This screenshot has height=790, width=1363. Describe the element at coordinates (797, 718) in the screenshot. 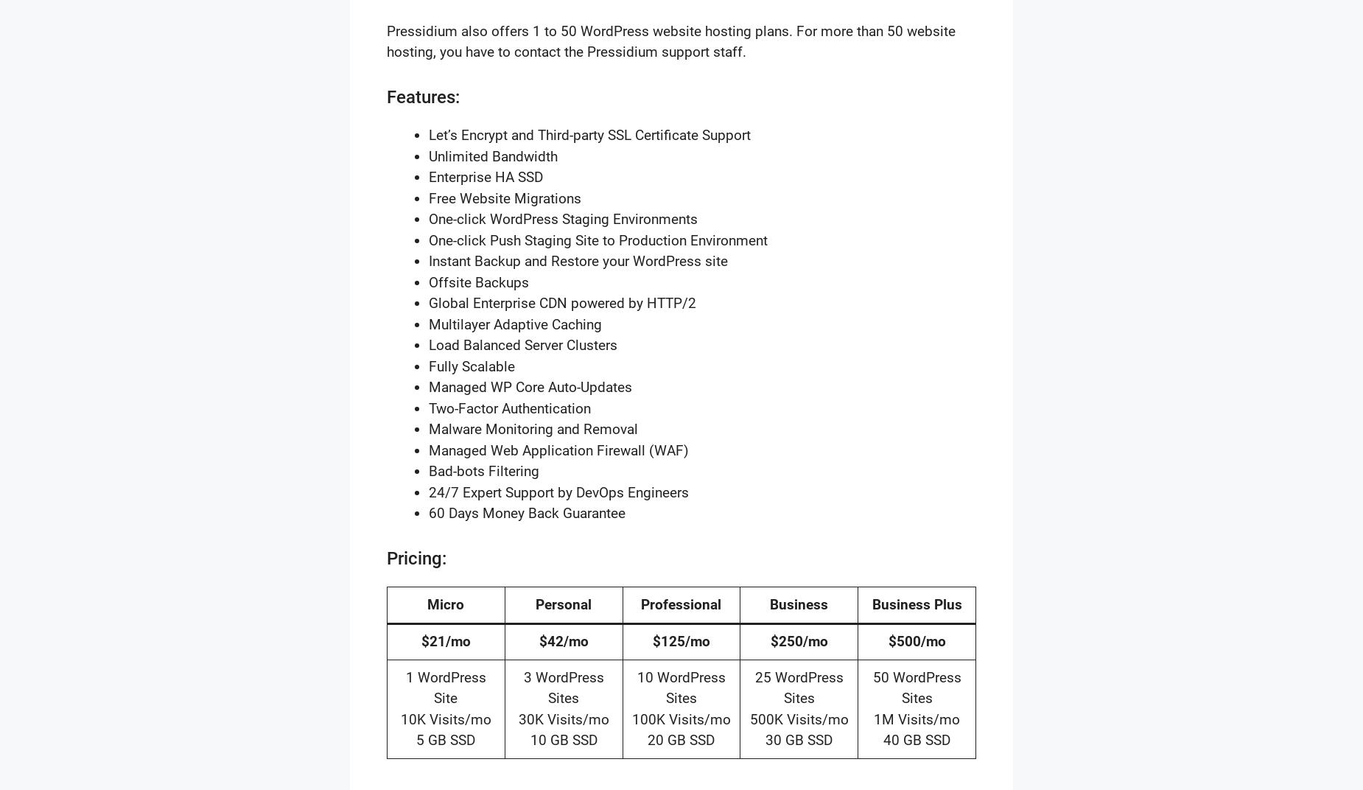

I see `'500K Visits/mo'` at that location.